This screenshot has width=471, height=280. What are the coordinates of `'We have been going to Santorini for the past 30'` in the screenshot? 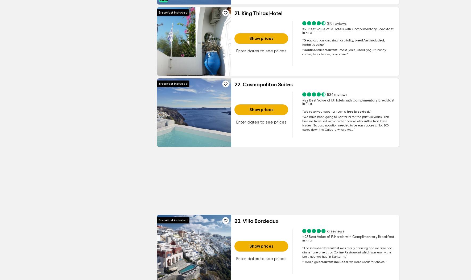 It's located at (303, 117).